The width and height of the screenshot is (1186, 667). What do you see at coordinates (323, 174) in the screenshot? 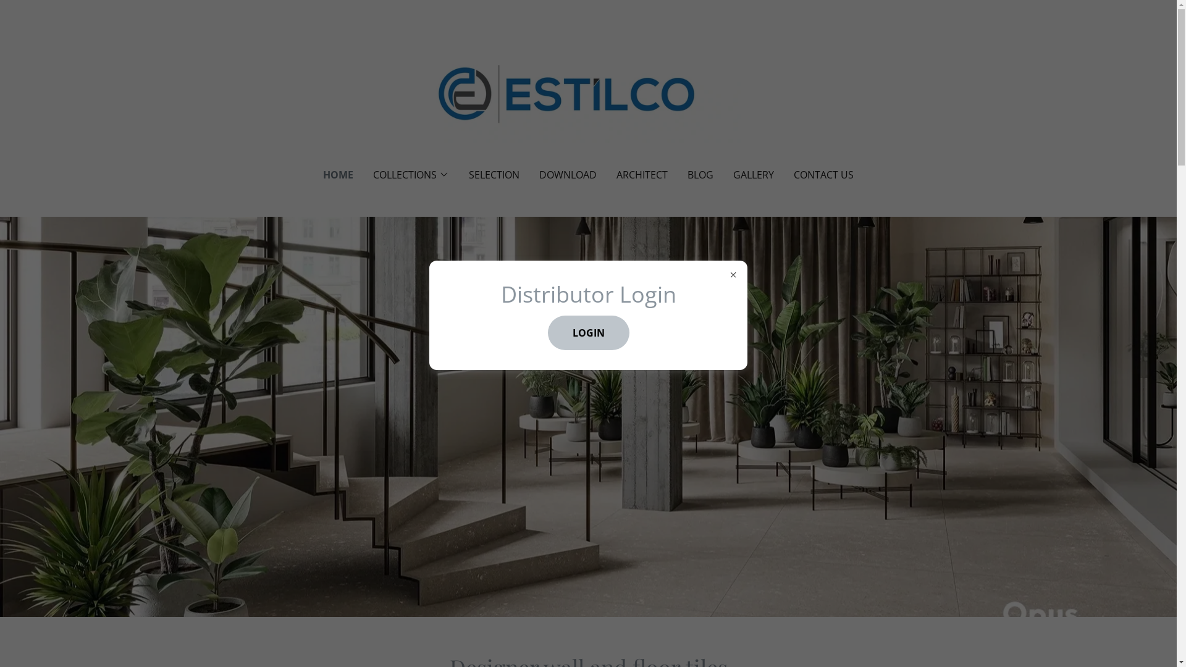
I see `'HOME'` at bounding box center [323, 174].